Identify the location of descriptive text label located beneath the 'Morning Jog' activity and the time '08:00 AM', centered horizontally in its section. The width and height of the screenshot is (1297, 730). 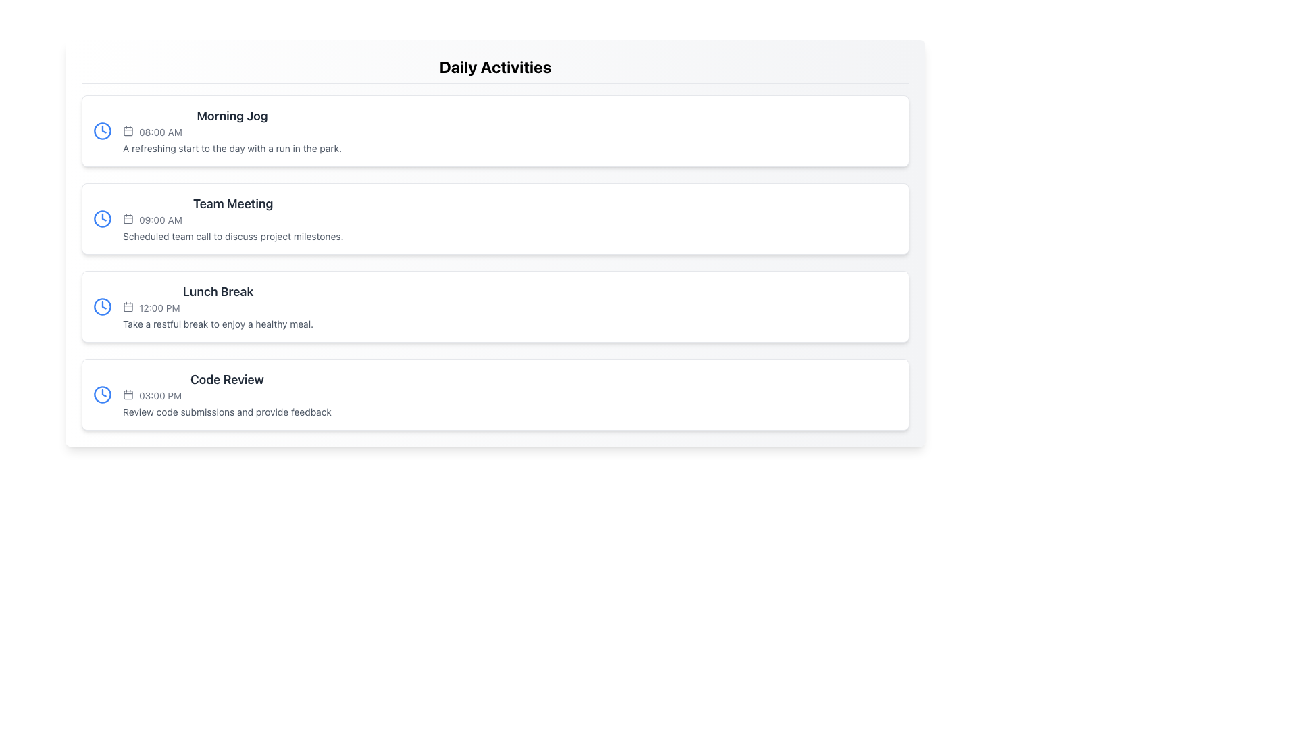
(232, 148).